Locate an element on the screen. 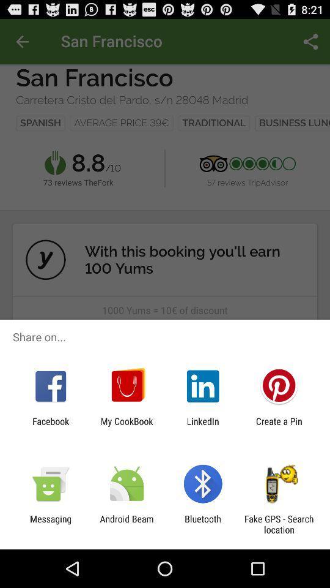  app to the right of android beam app is located at coordinates (203, 524).